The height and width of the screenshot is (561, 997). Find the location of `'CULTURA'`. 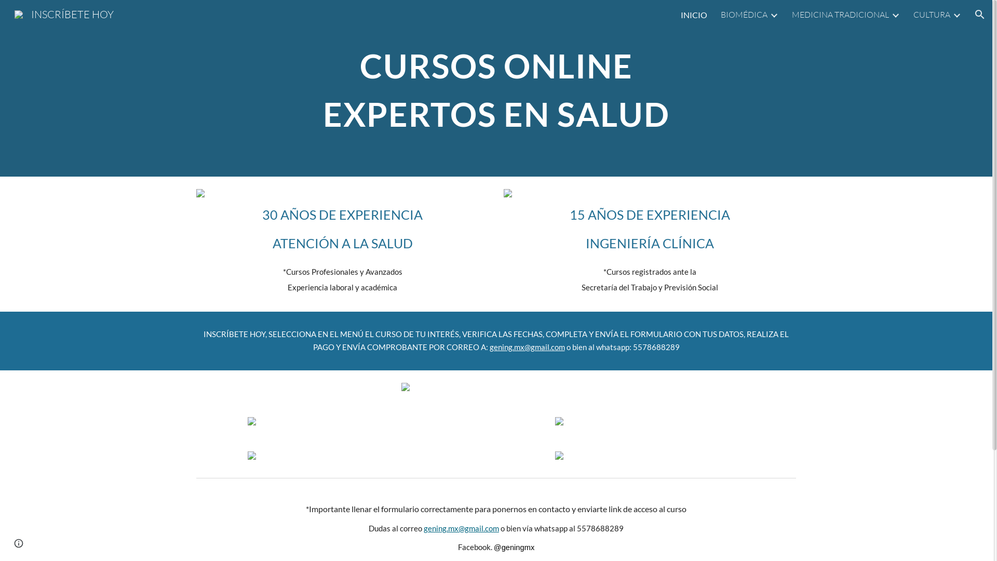

'CULTURA' is located at coordinates (932, 14).